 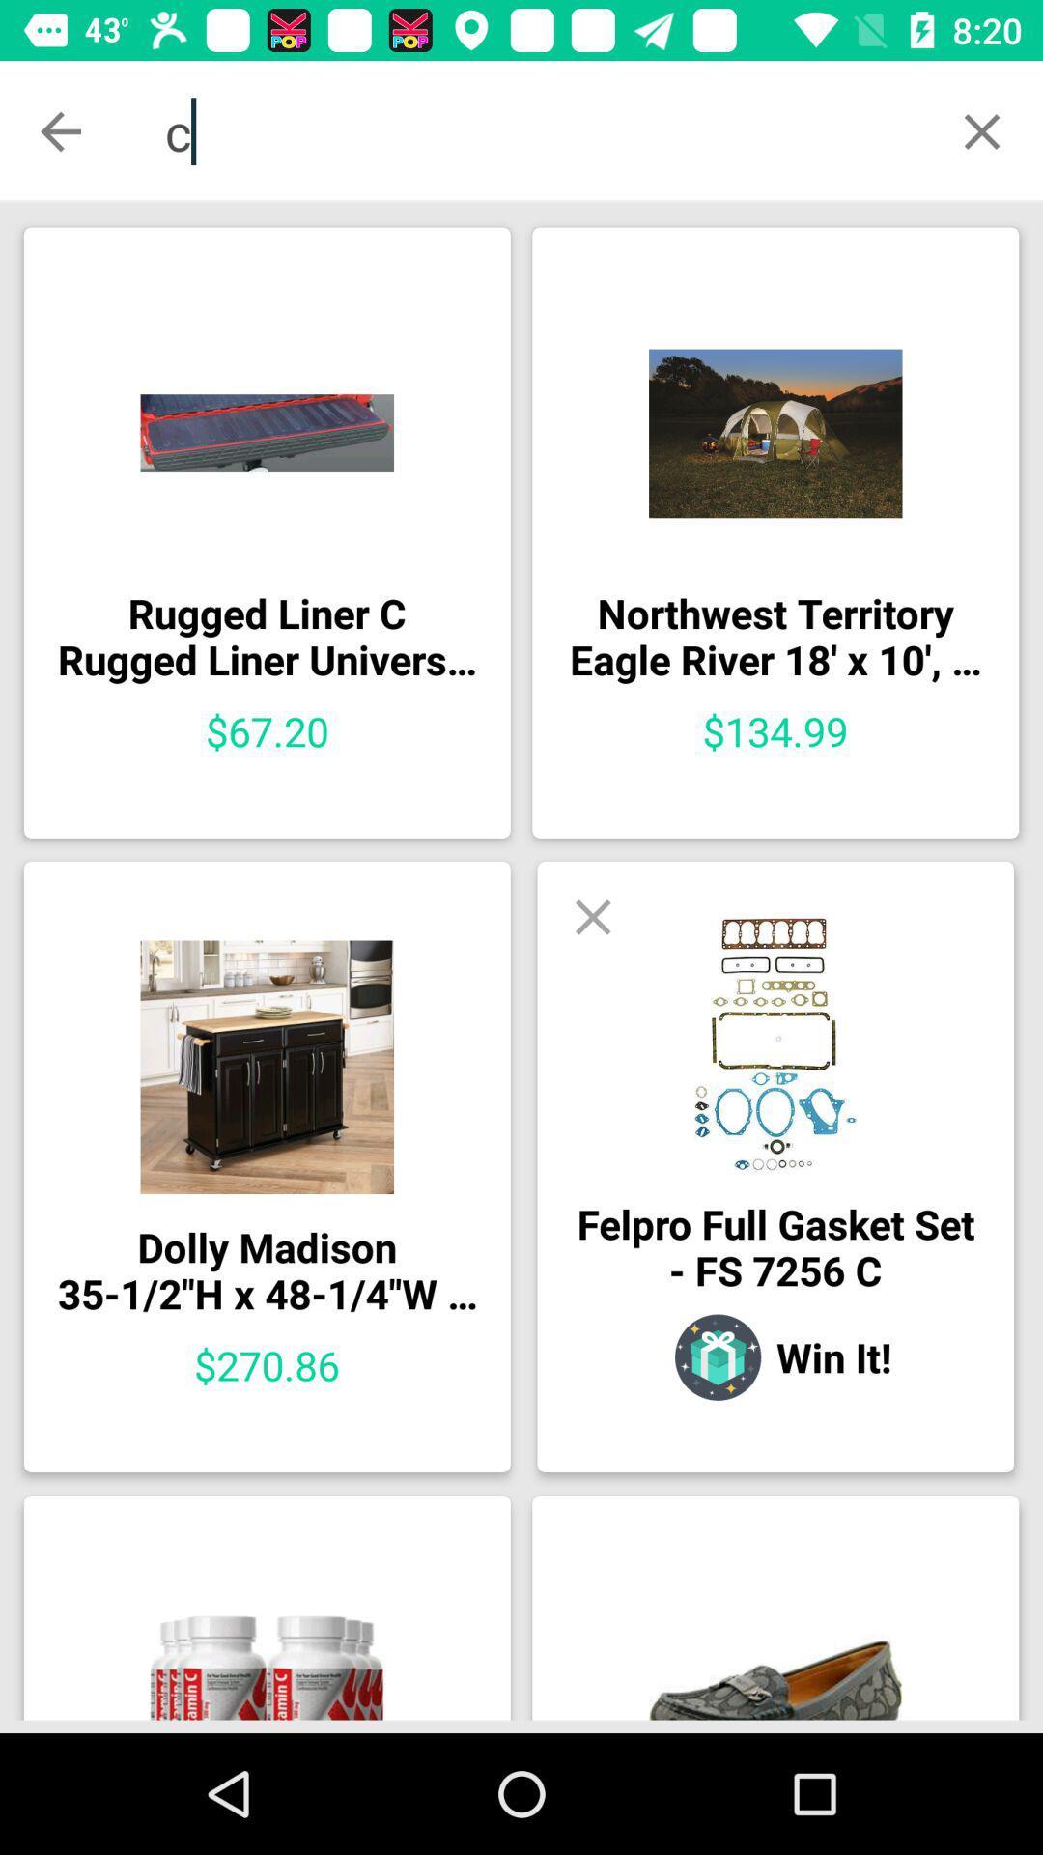 What do you see at coordinates (982, 130) in the screenshot?
I see `the close icon` at bounding box center [982, 130].